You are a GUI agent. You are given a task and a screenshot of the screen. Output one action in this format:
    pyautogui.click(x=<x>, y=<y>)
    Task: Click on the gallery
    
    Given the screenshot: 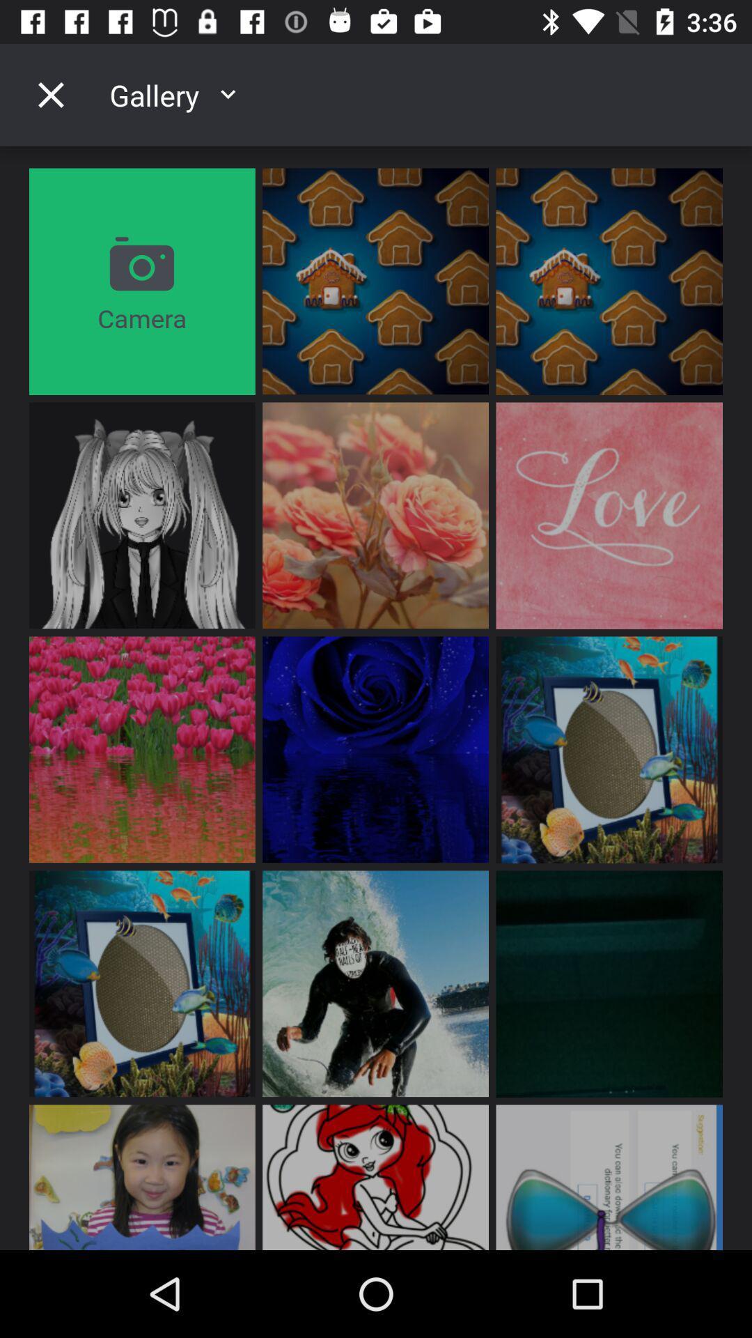 What is the action you would take?
    pyautogui.click(x=50, y=94)
    